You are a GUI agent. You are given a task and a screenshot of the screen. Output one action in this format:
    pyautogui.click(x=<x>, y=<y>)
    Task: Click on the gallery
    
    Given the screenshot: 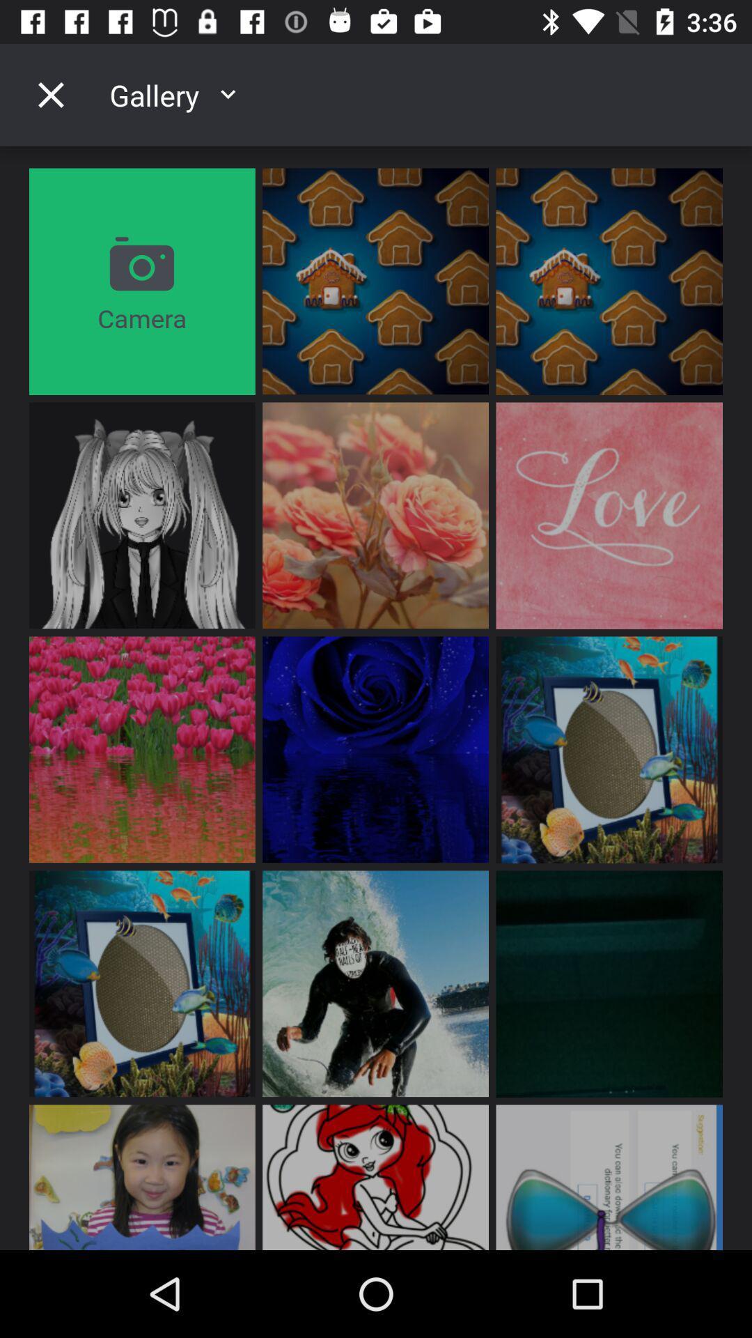 What is the action you would take?
    pyautogui.click(x=50, y=94)
    